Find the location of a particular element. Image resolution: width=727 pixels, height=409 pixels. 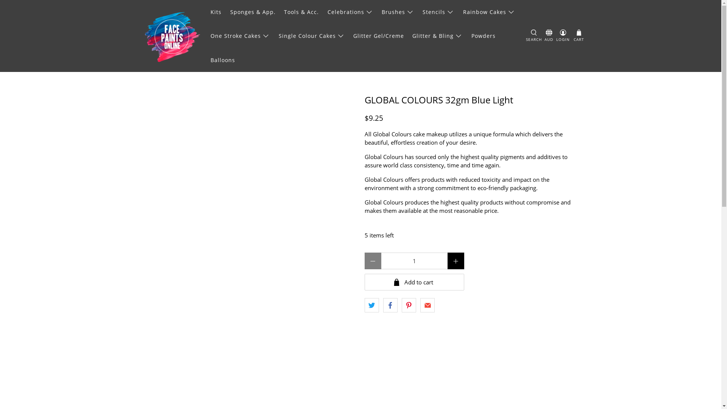

'Stencils' is located at coordinates (438, 12).